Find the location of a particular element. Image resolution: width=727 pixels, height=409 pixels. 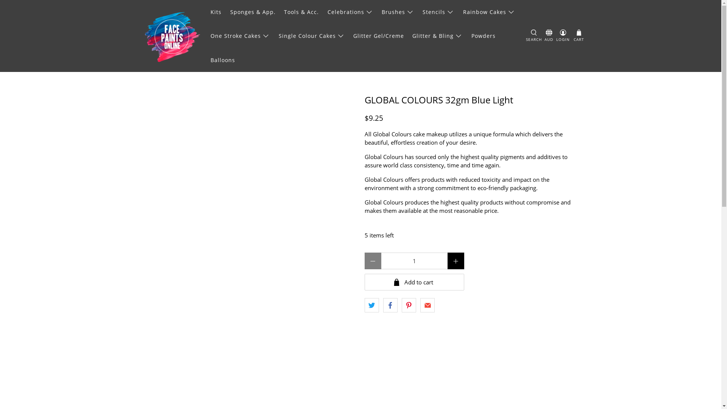

'Stencils' is located at coordinates (438, 12).